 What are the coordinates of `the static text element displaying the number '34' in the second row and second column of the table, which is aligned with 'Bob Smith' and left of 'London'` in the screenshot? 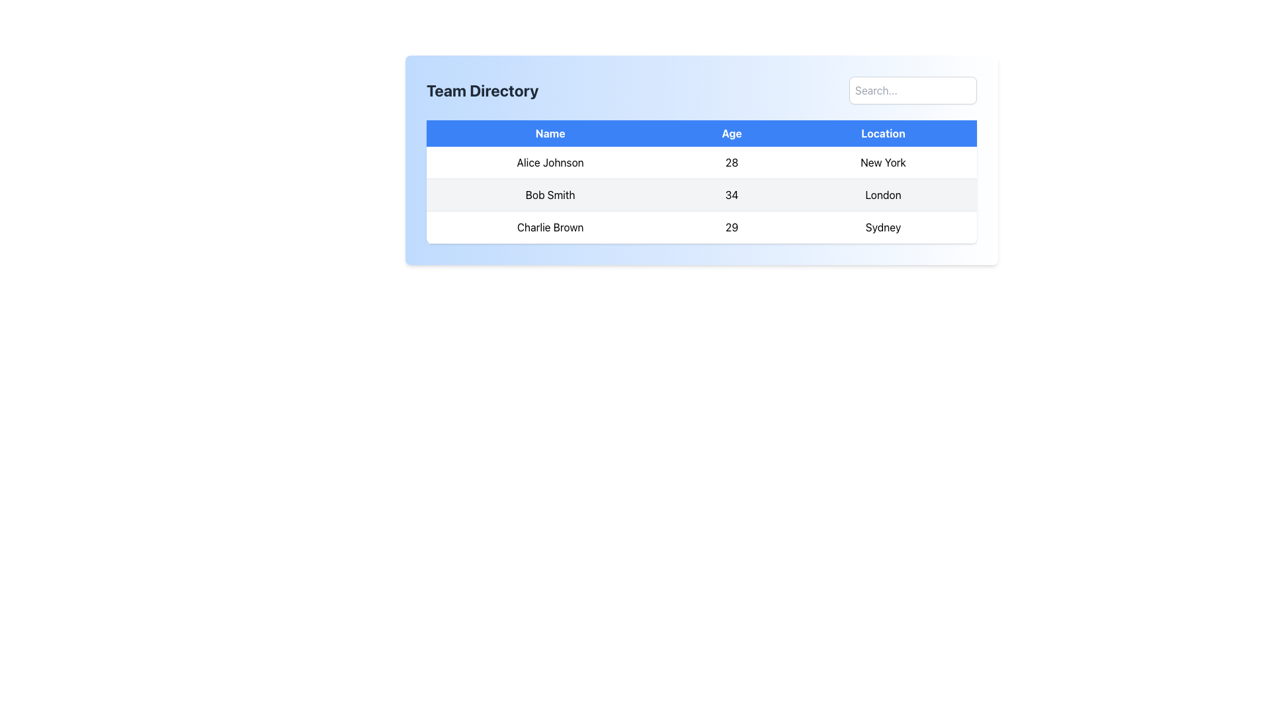 It's located at (731, 194).